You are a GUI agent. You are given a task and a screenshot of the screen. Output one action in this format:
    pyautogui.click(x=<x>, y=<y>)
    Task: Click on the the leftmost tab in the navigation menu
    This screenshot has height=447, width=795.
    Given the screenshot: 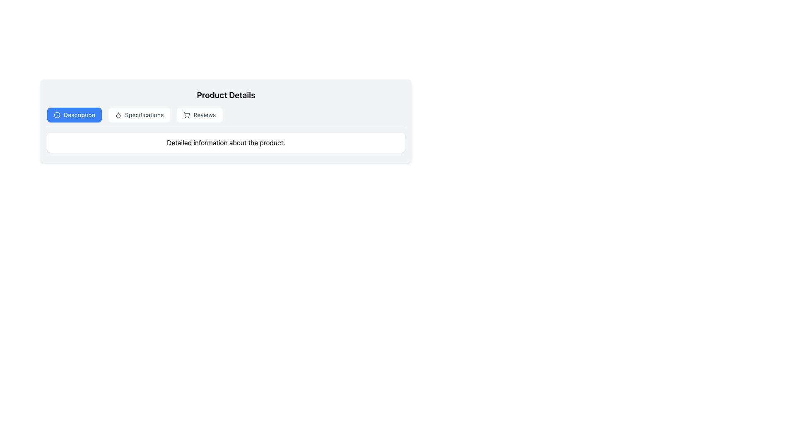 What is the action you would take?
    pyautogui.click(x=79, y=115)
    